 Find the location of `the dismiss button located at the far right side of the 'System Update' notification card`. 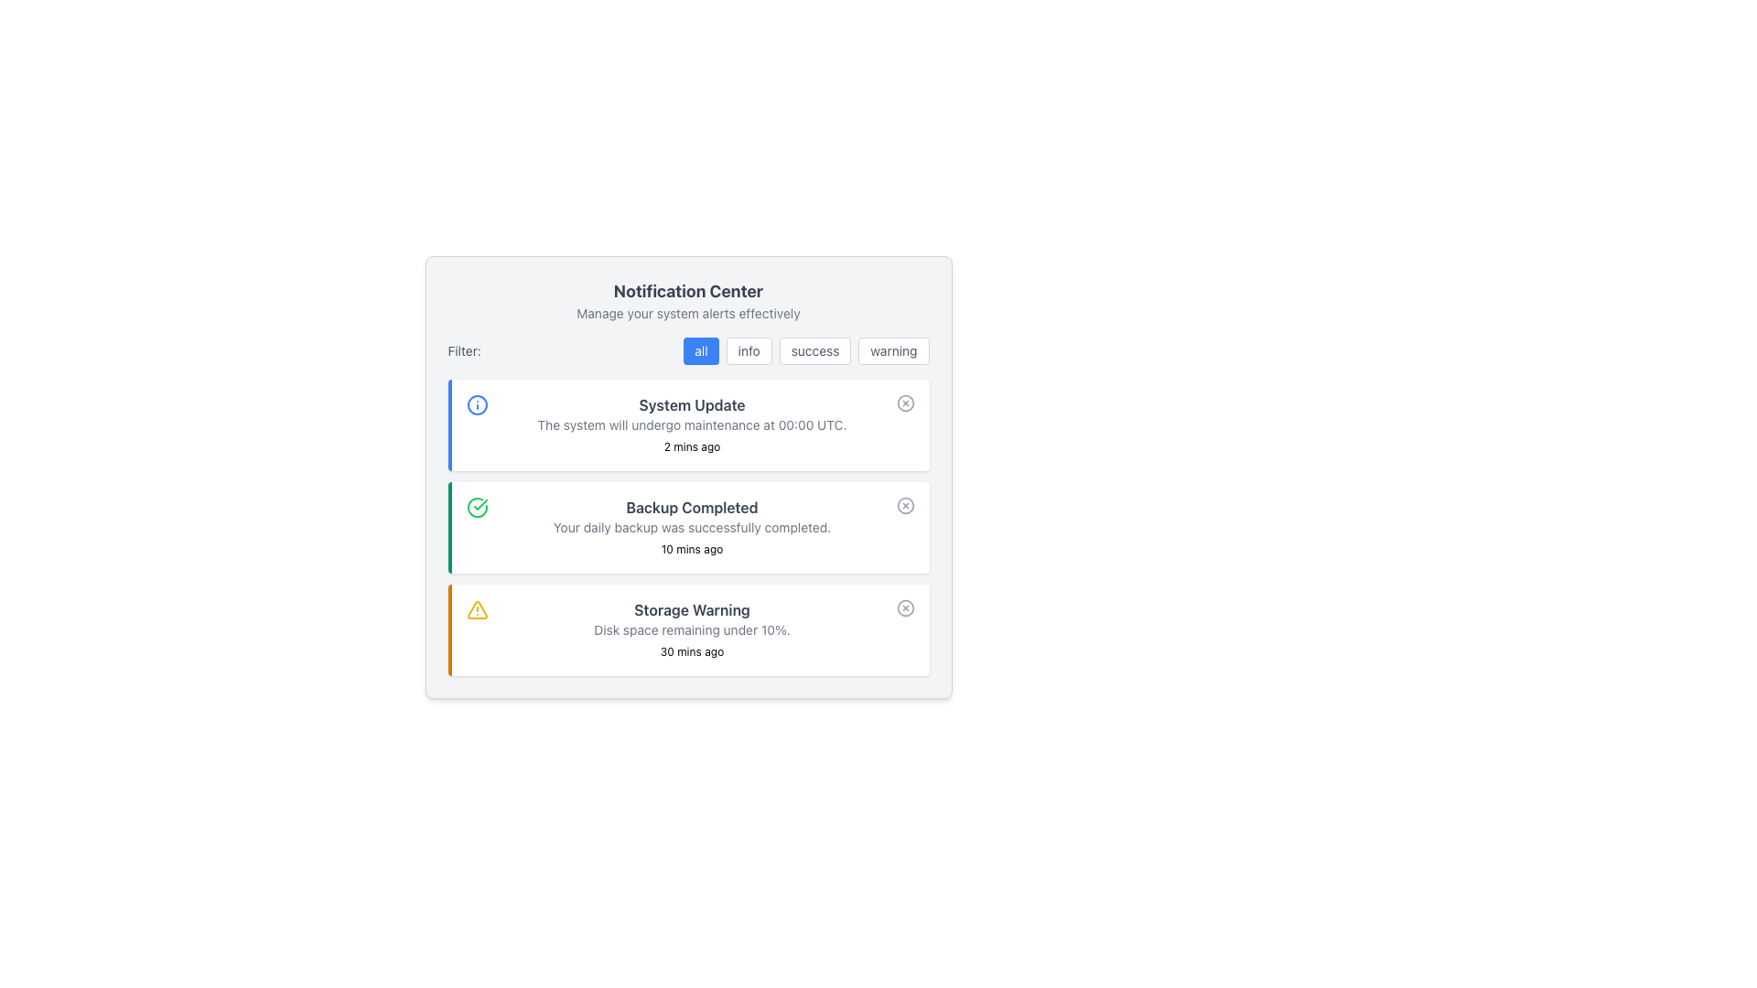

the dismiss button located at the far right side of the 'System Update' notification card is located at coordinates (905, 402).